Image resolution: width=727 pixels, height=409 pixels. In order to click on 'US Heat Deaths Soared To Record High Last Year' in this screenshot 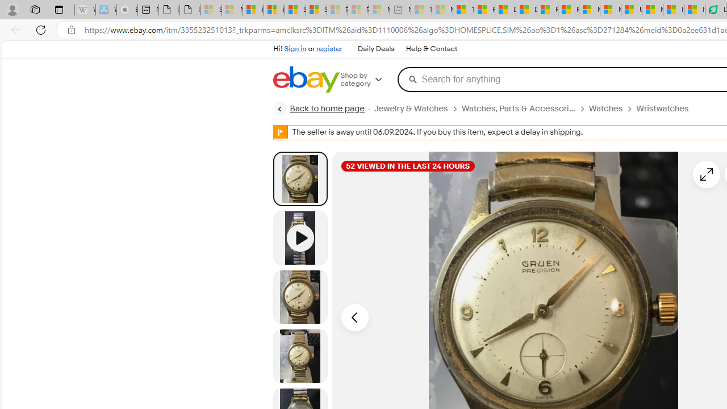, I will do `click(631, 10)`.